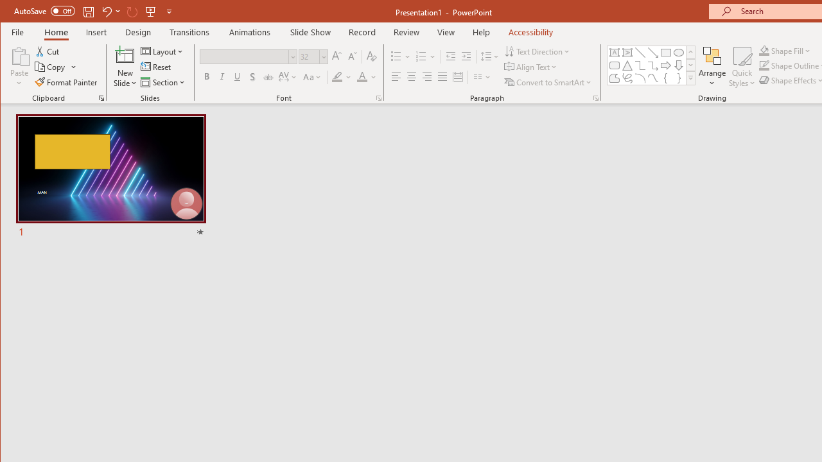 The image size is (822, 462). I want to click on 'Font Color', so click(366, 77).